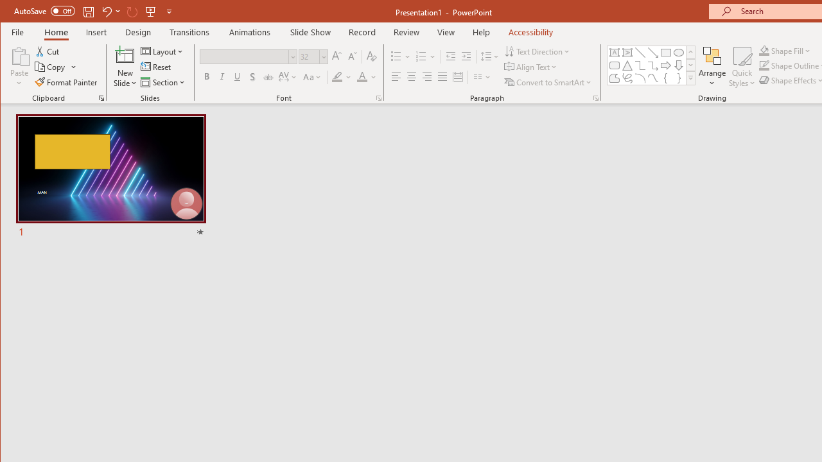 The image size is (822, 462). I want to click on 'Font Color', so click(366, 77).